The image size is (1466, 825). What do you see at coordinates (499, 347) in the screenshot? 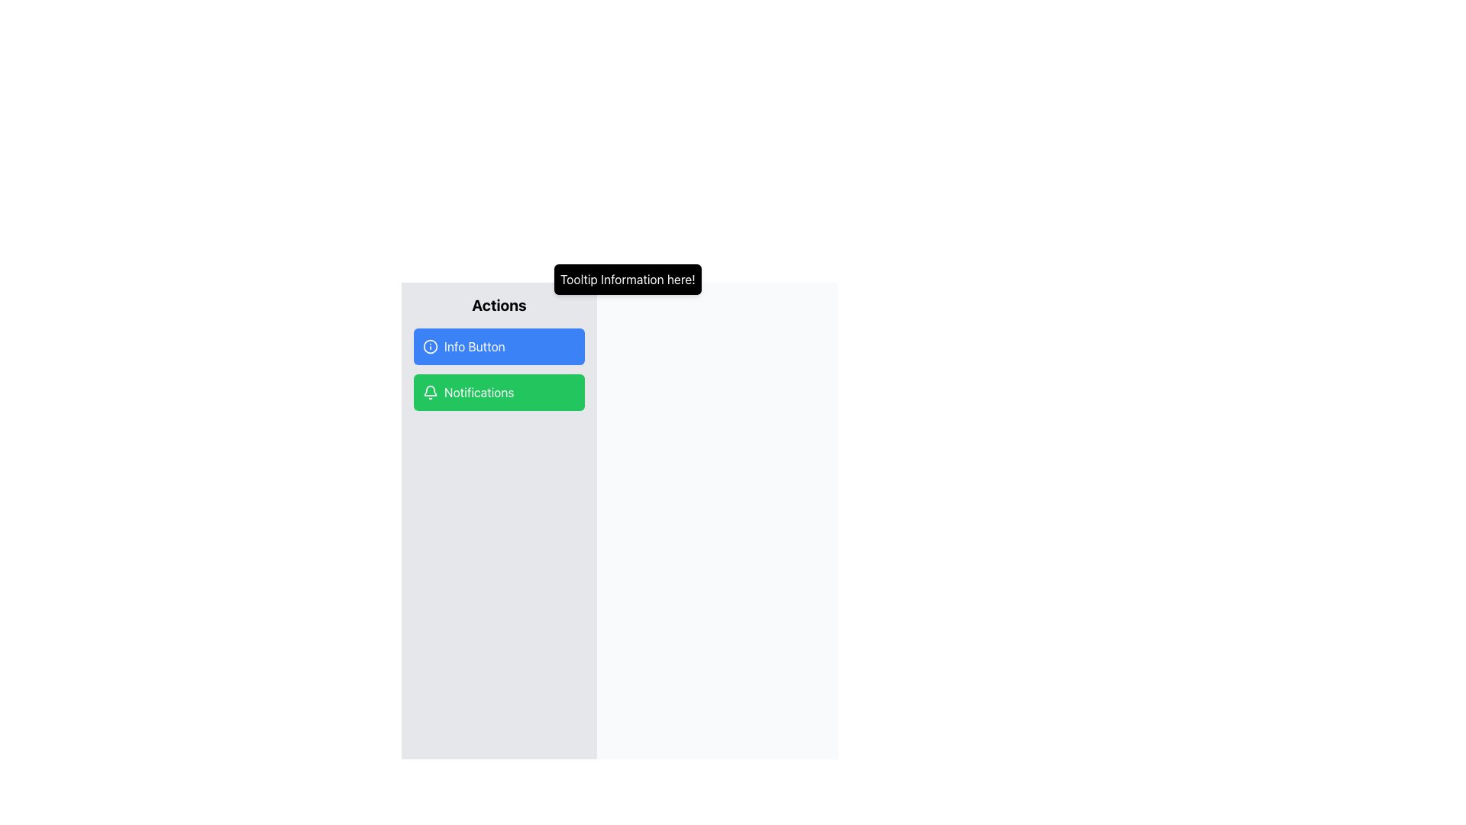
I see `the button located in the vertical menu under the heading 'Actions'` at bounding box center [499, 347].